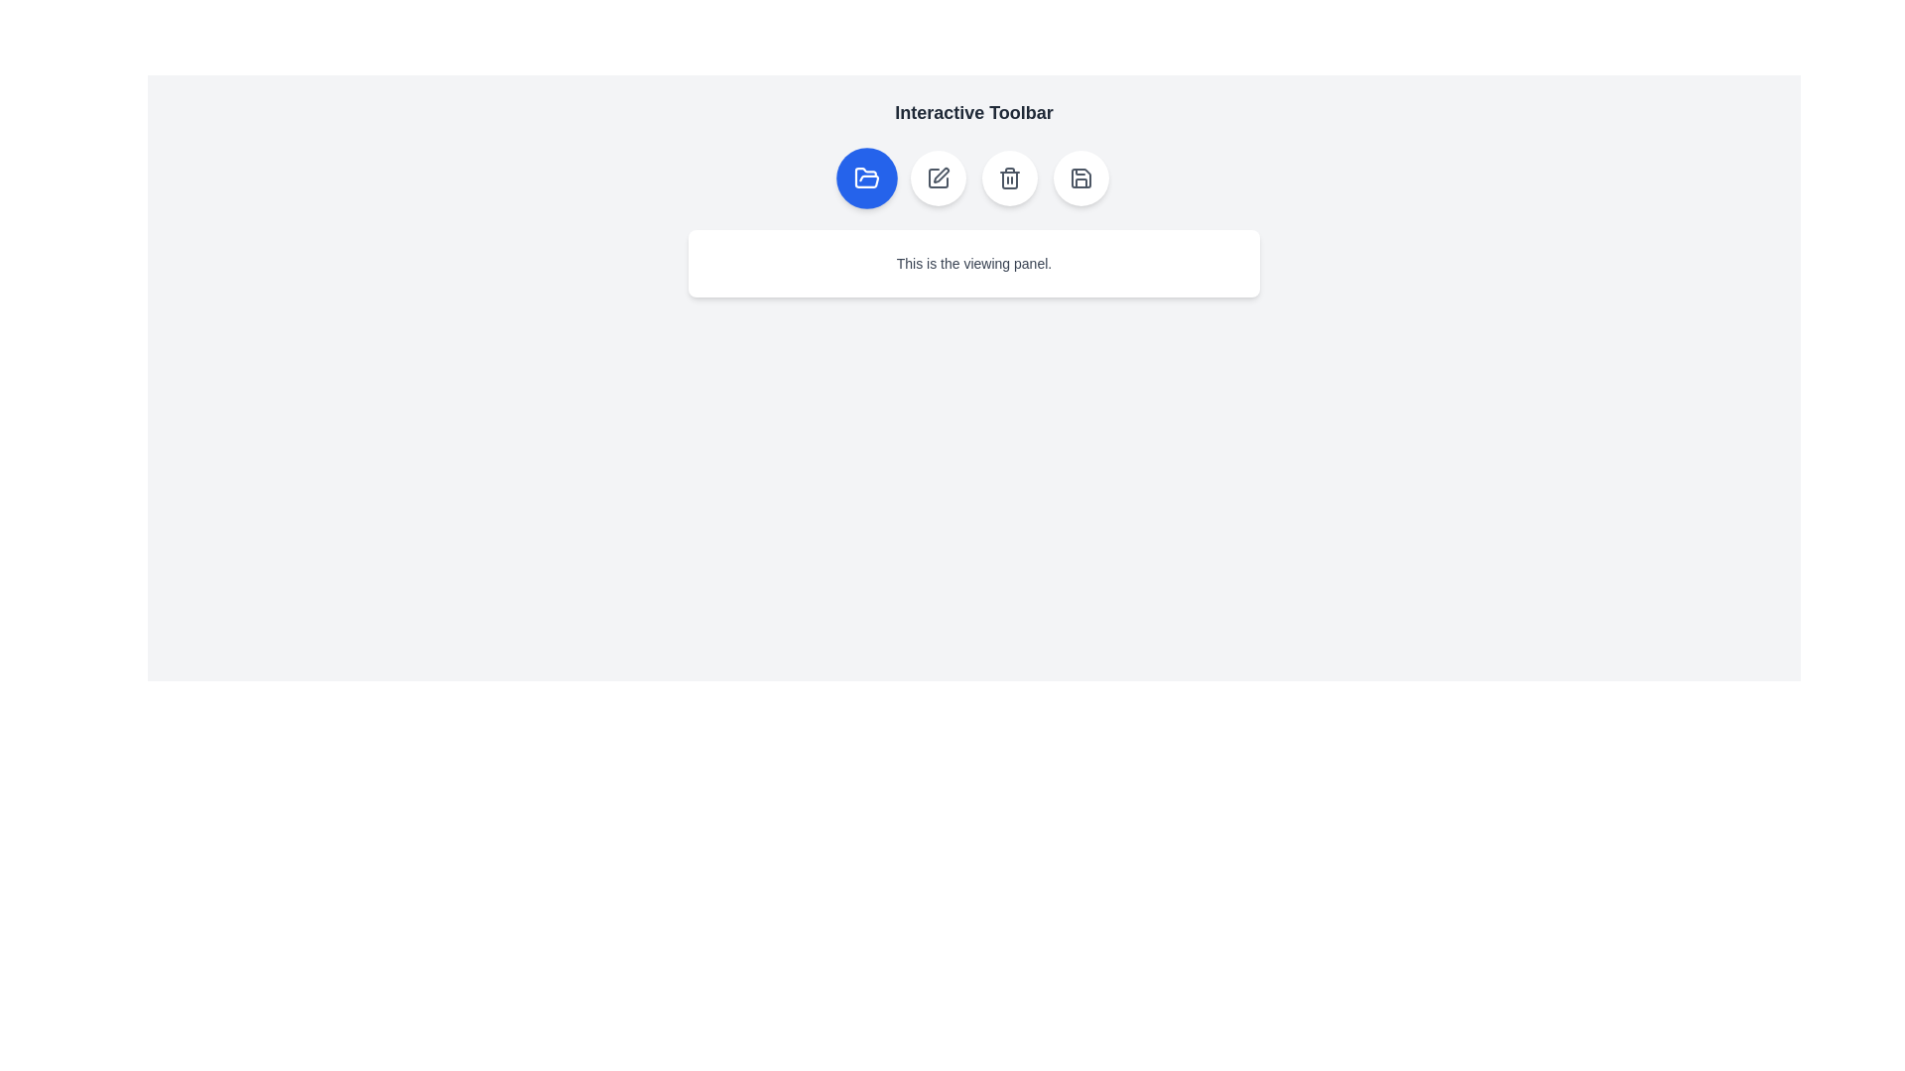 The image size is (1905, 1071). I want to click on the open folder icon button with a blue background located on the top toolbar, so click(866, 178).